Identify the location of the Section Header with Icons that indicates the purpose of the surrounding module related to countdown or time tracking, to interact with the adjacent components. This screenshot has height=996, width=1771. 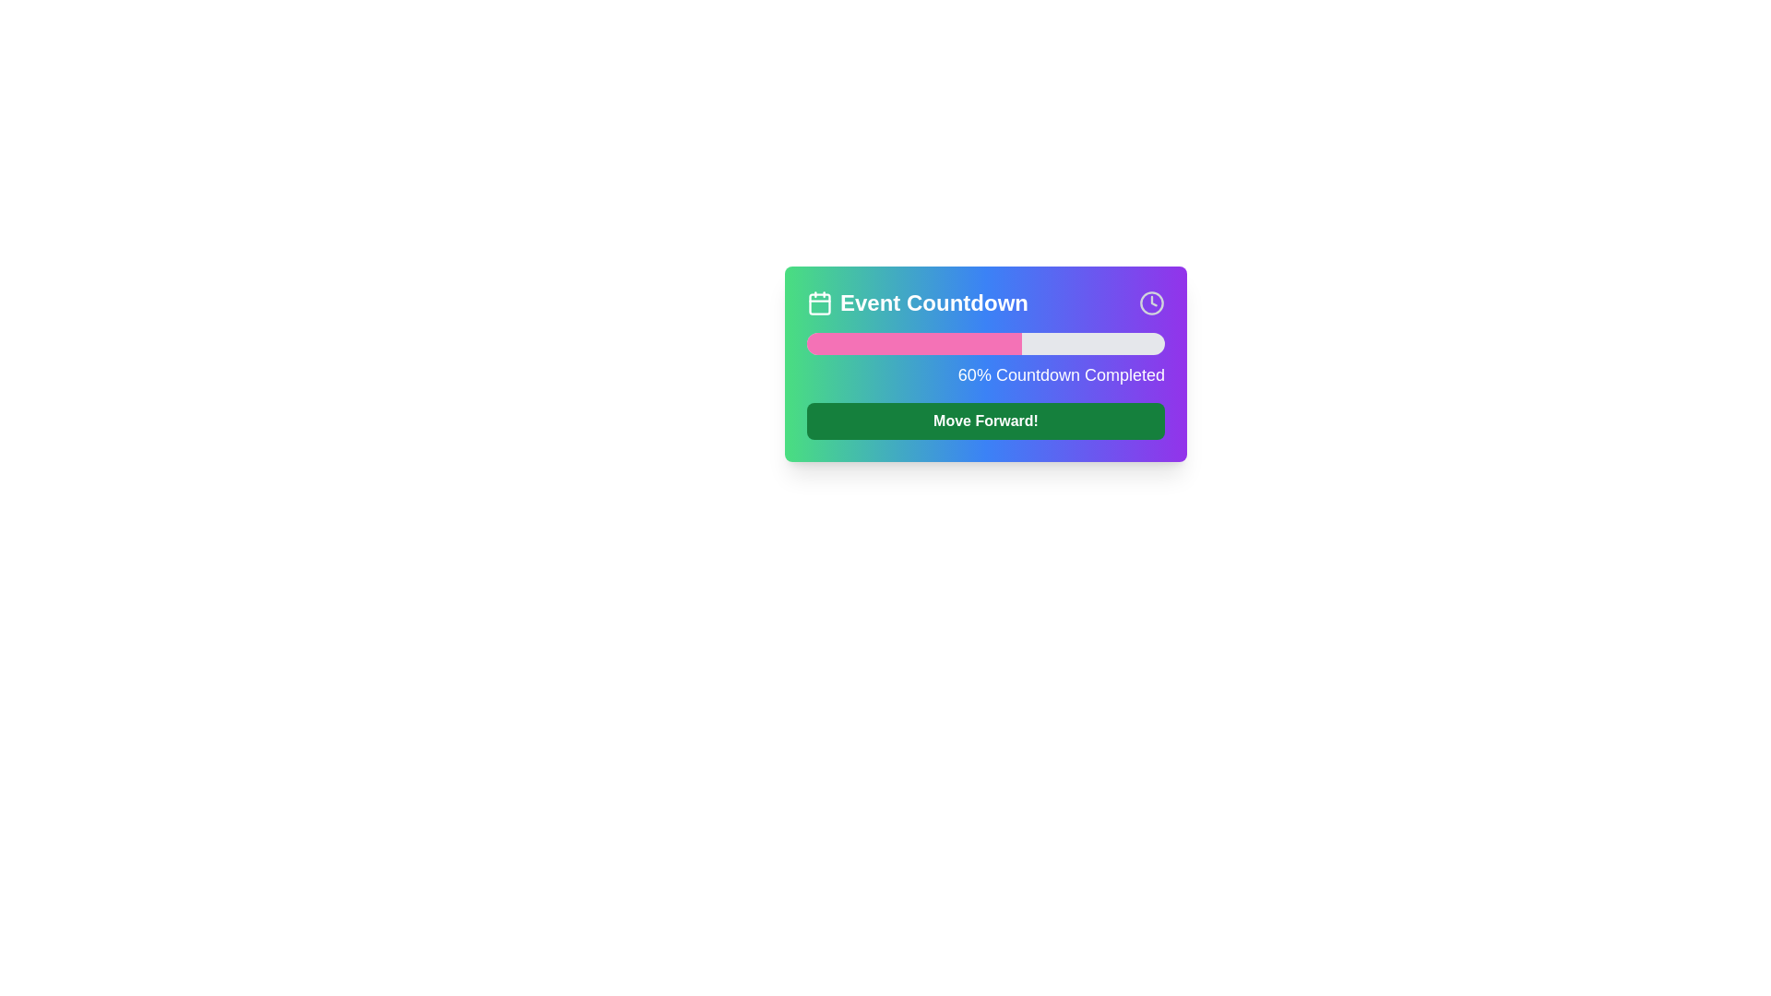
(985, 302).